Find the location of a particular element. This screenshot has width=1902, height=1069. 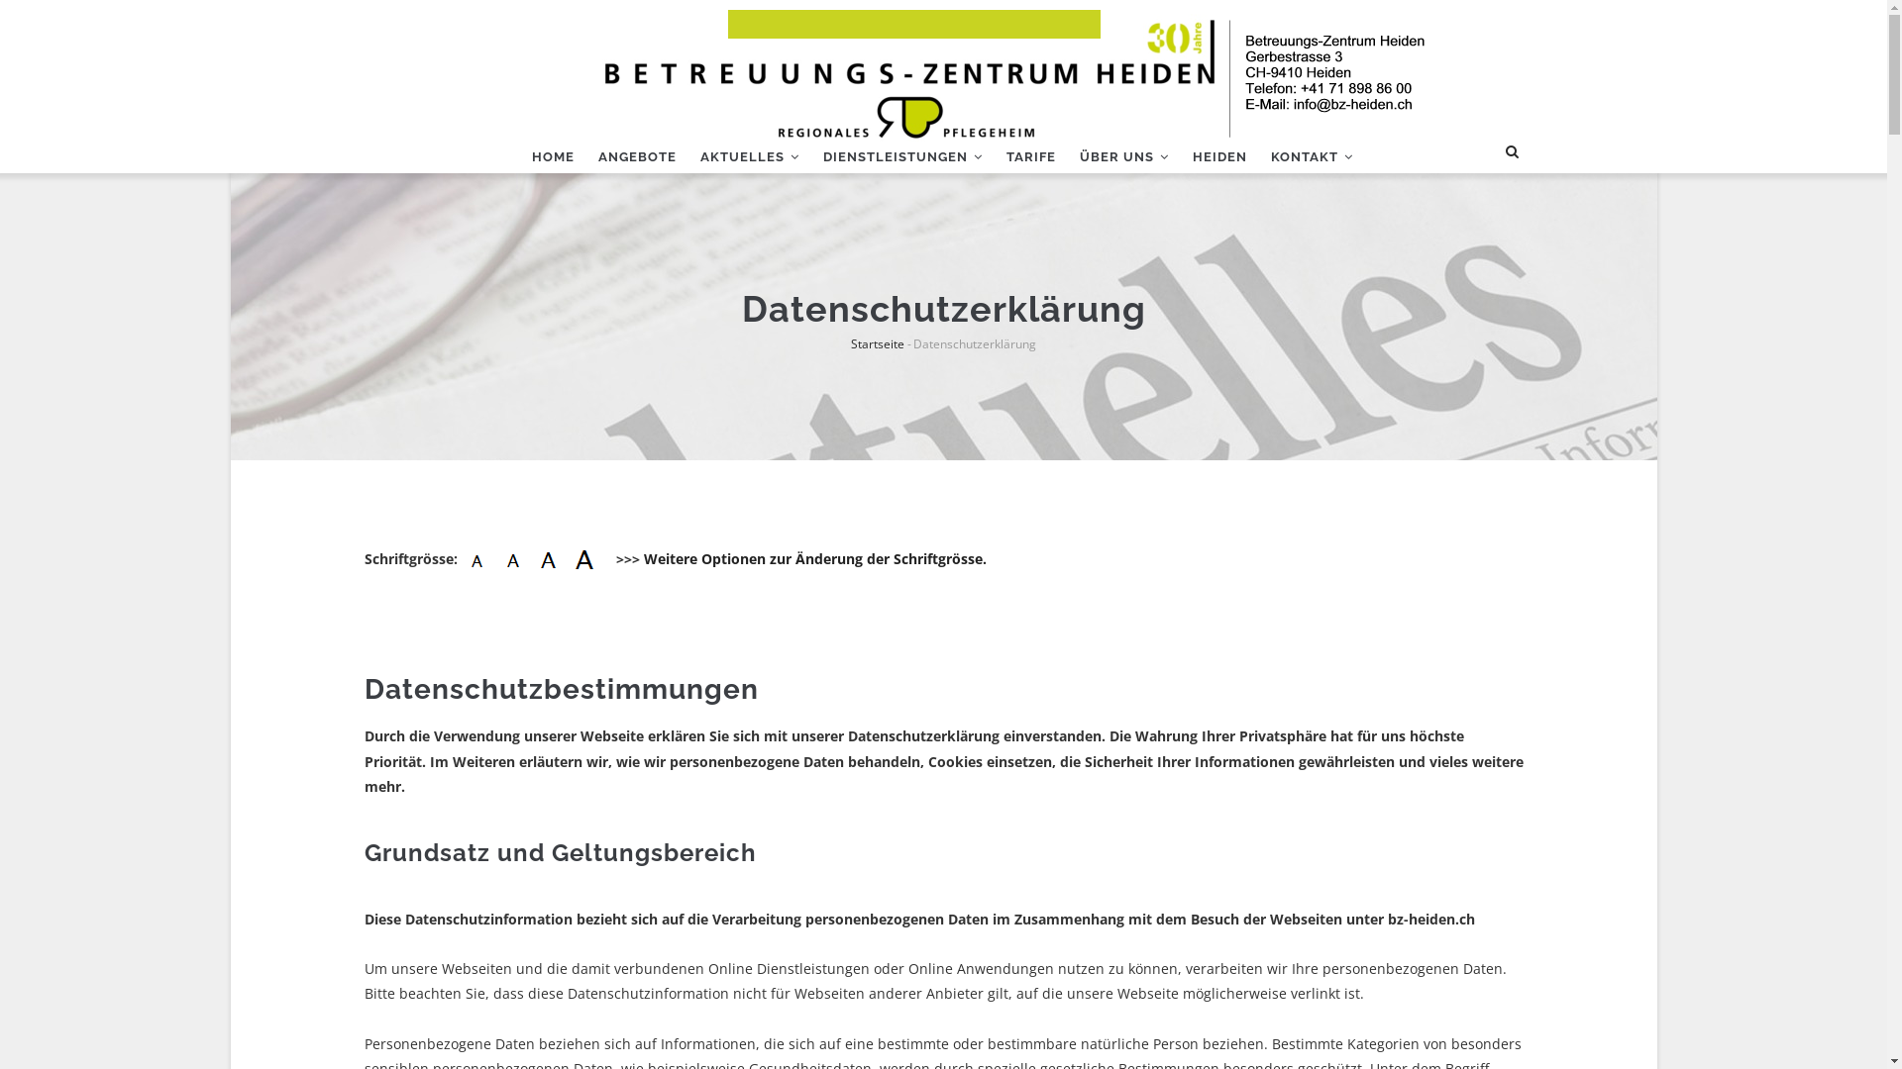

'DIENSTLEISTUNGEN' is located at coordinates (900, 155).